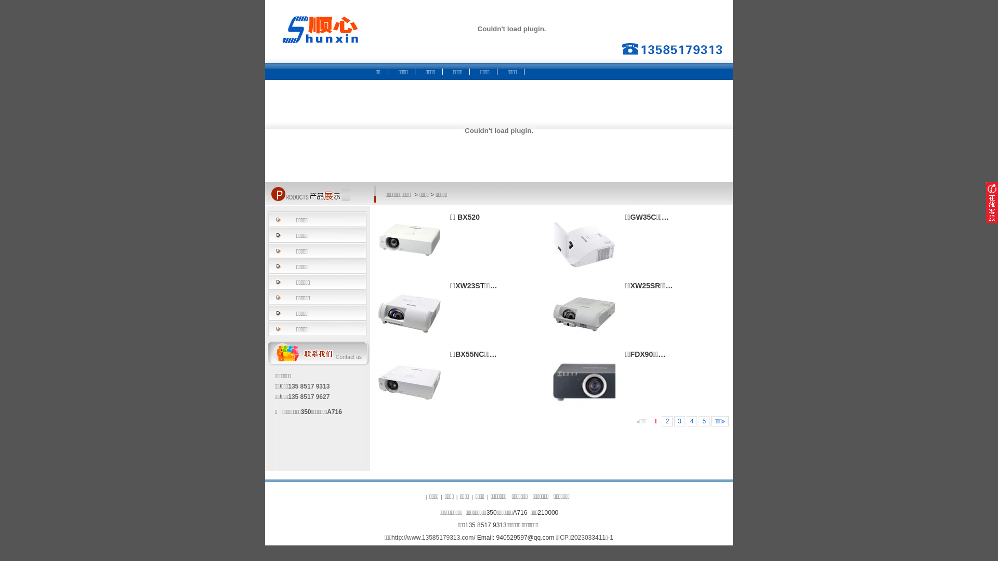 The width and height of the screenshot is (998, 561). Describe the element at coordinates (667, 421) in the screenshot. I see `'2'` at that location.